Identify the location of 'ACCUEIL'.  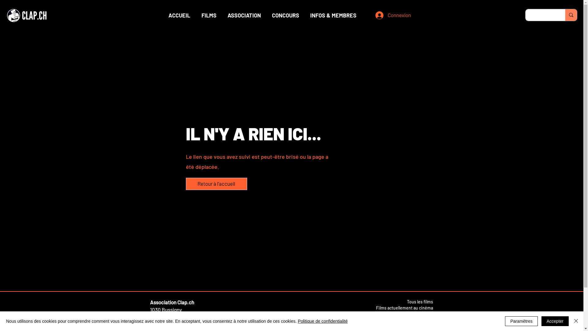
(179, 15).